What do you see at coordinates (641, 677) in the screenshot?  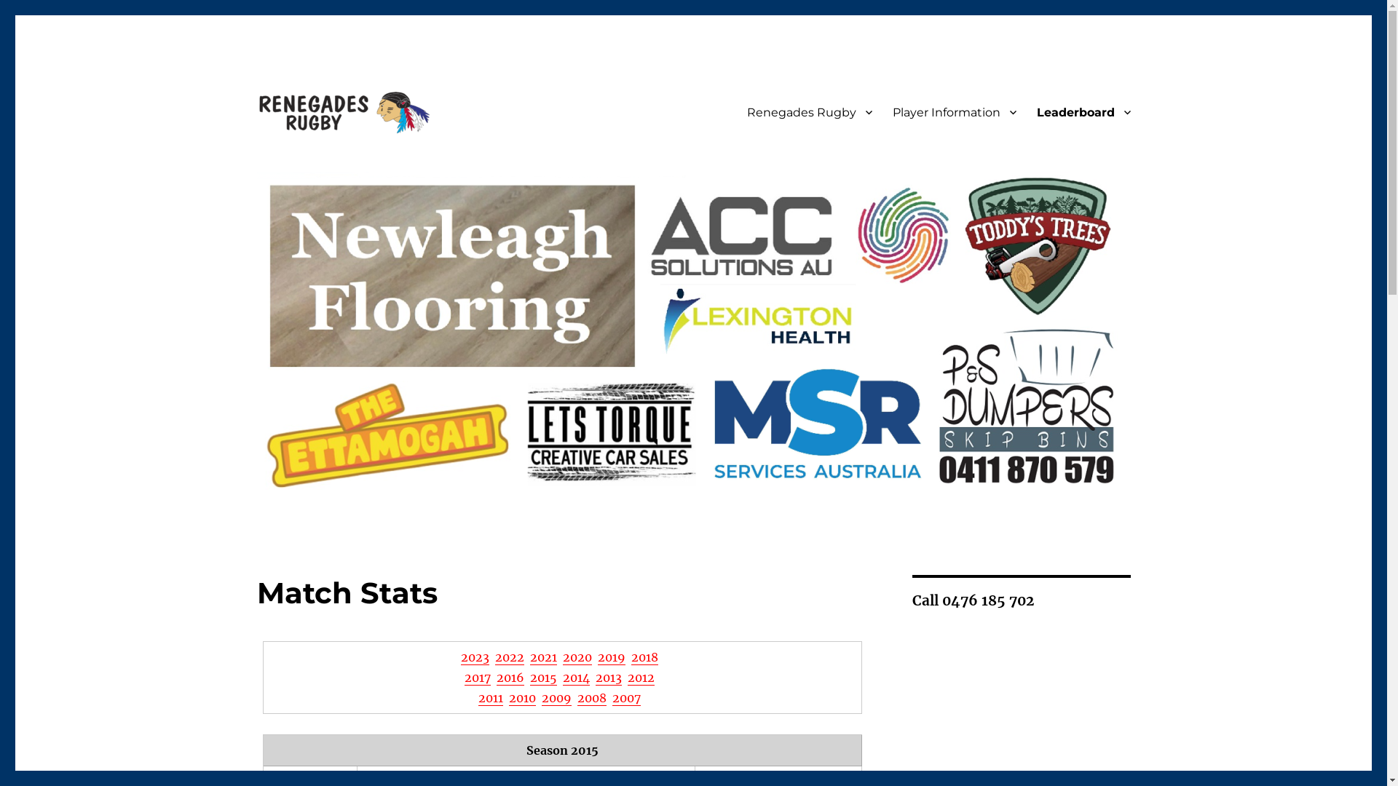 I see `'2012'` at bounding box center [641, 677].